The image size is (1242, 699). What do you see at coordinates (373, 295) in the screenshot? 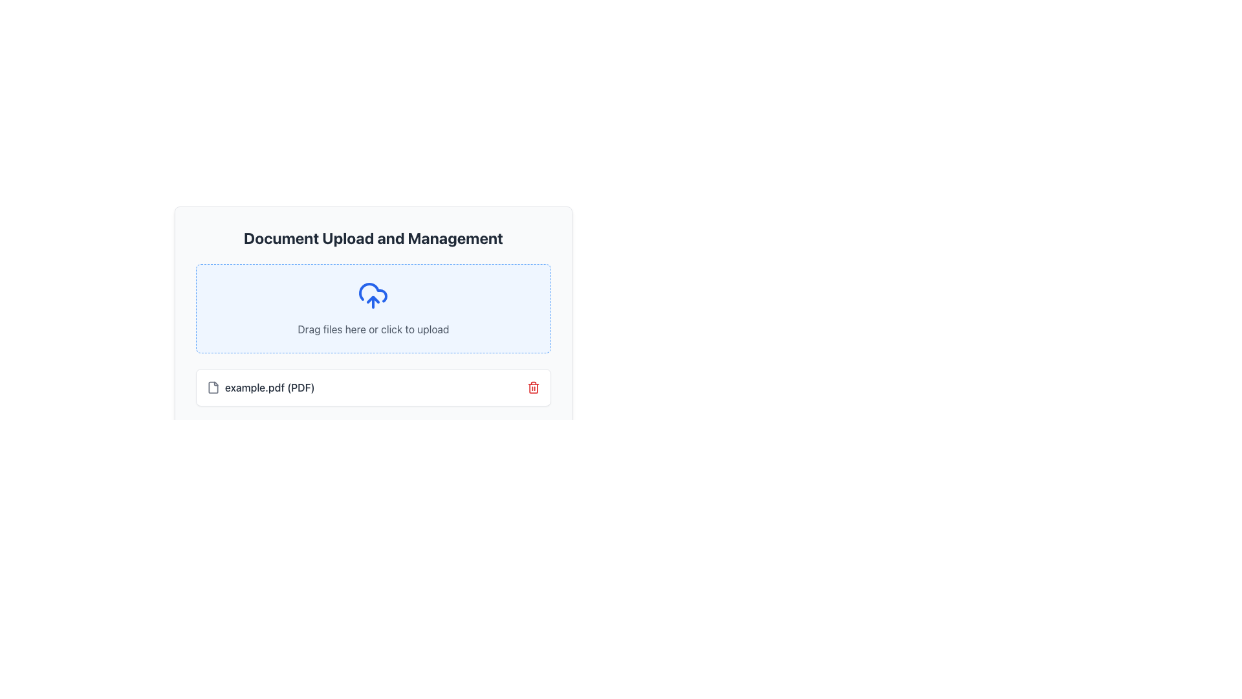
I see `the cloud upload icon, which features an upward-facing arrow inside a blue-colored cloud, located at the center of the upload area in the Document Upload and Management interface` at bounding box center [373, 295].